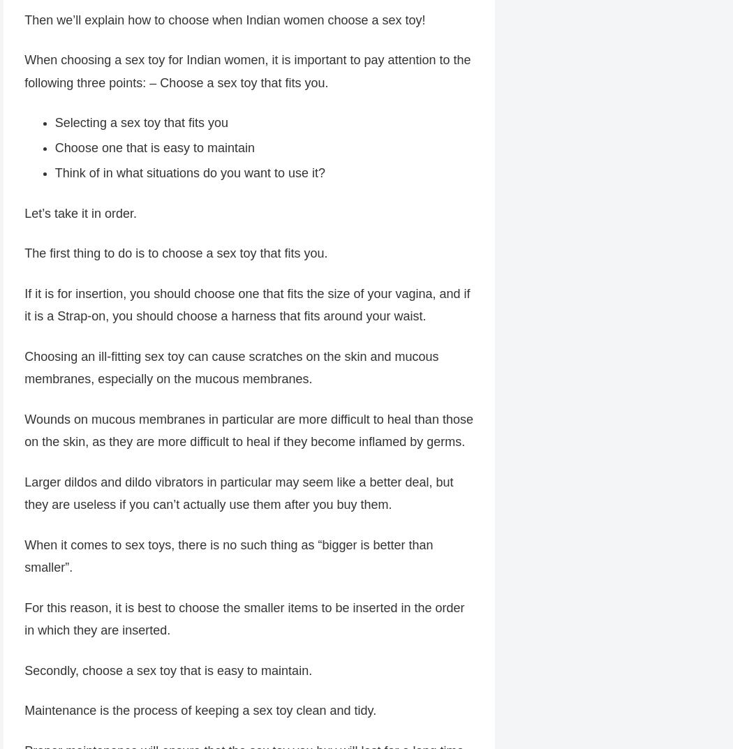 Image resolution: width=733 pixels, height=749 pixels. I want to click on 'Wounds on mucous membranes in particular are more difficult to heal than those on the skin, as they are more difficult to heal if they become inflamed by germs.', so click(24, 431).